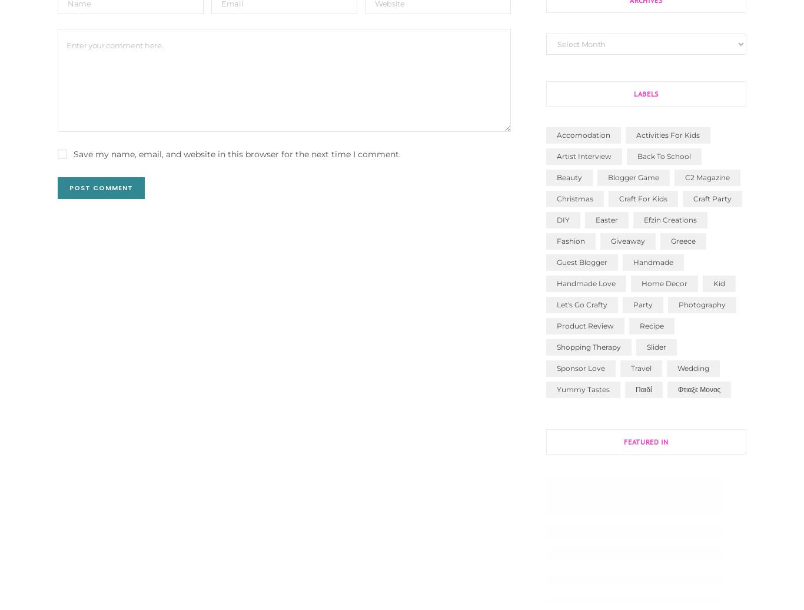  What do you see at coordinates (582, 304) in the screenshot?
I see `'let's go crafty'` at bounding box center [582, 304].